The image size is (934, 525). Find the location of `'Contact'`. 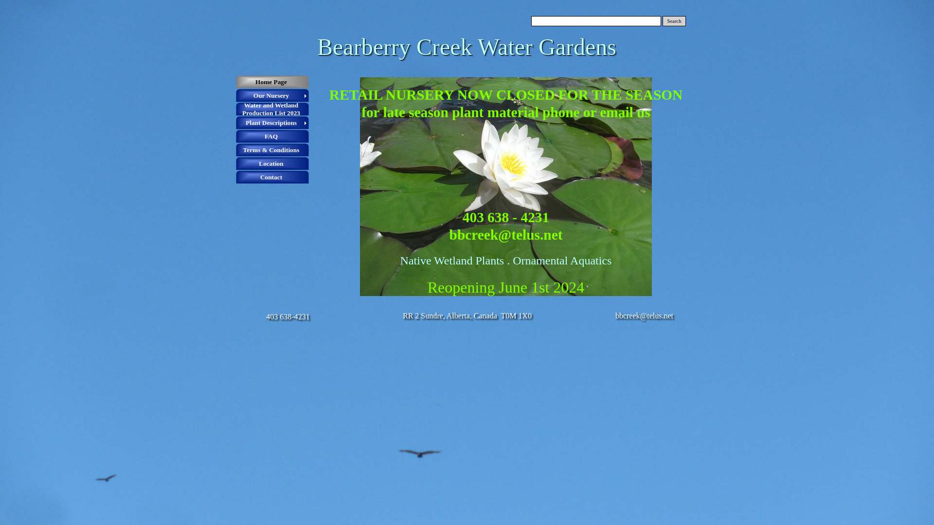

'Contact' is located at coordinates (272, 177).